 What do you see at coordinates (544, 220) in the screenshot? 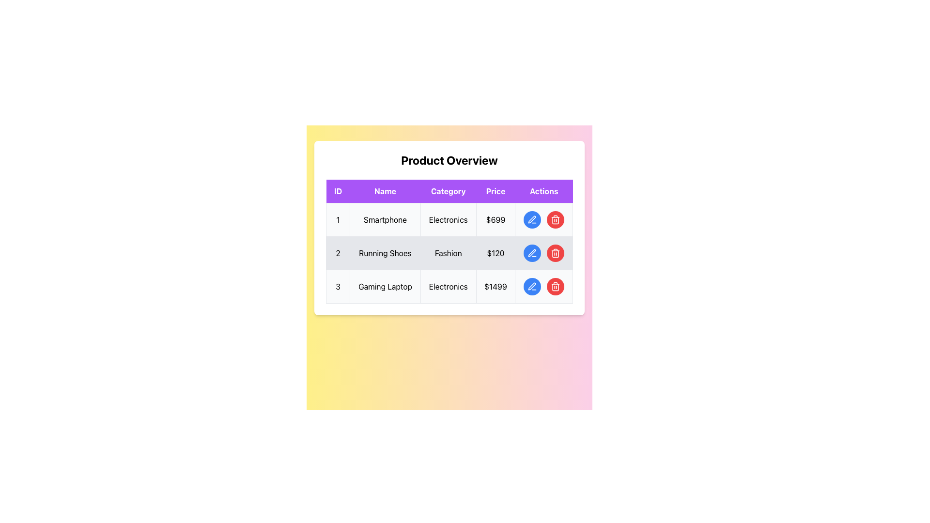
I see `the edit button located in the fifth cell of the first row of the table, which corresponds to the 'Actions' column` at bounding box center [544, 220].